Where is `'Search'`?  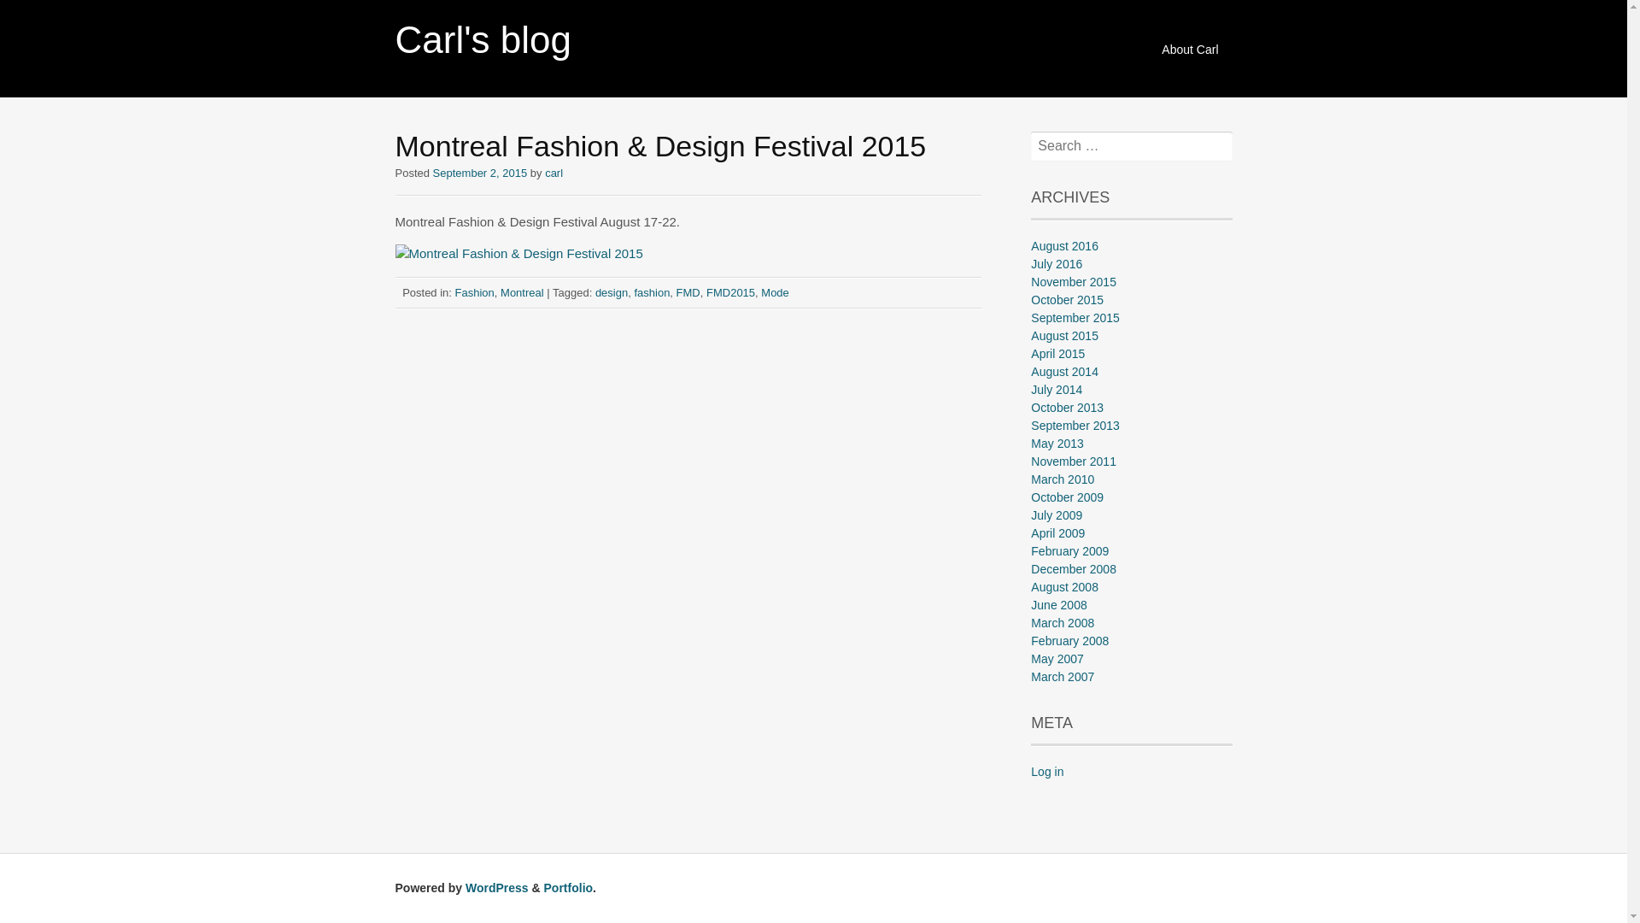 'Search' is located at coordinates (37, 14).